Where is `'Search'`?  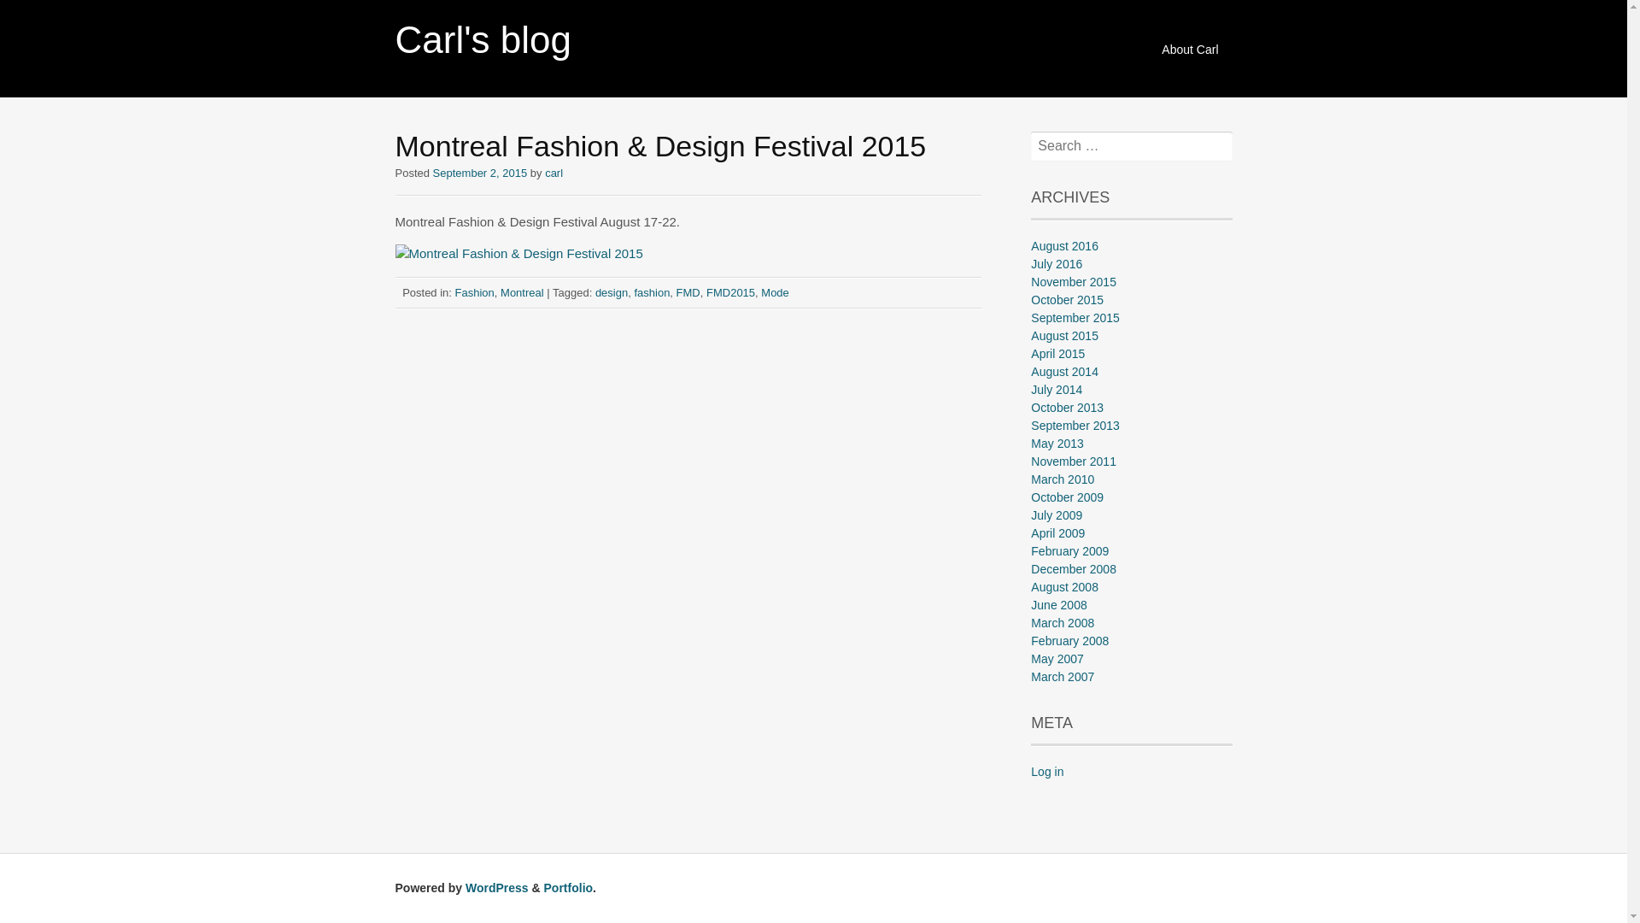 'Search' is located at coordinates (37, 14).